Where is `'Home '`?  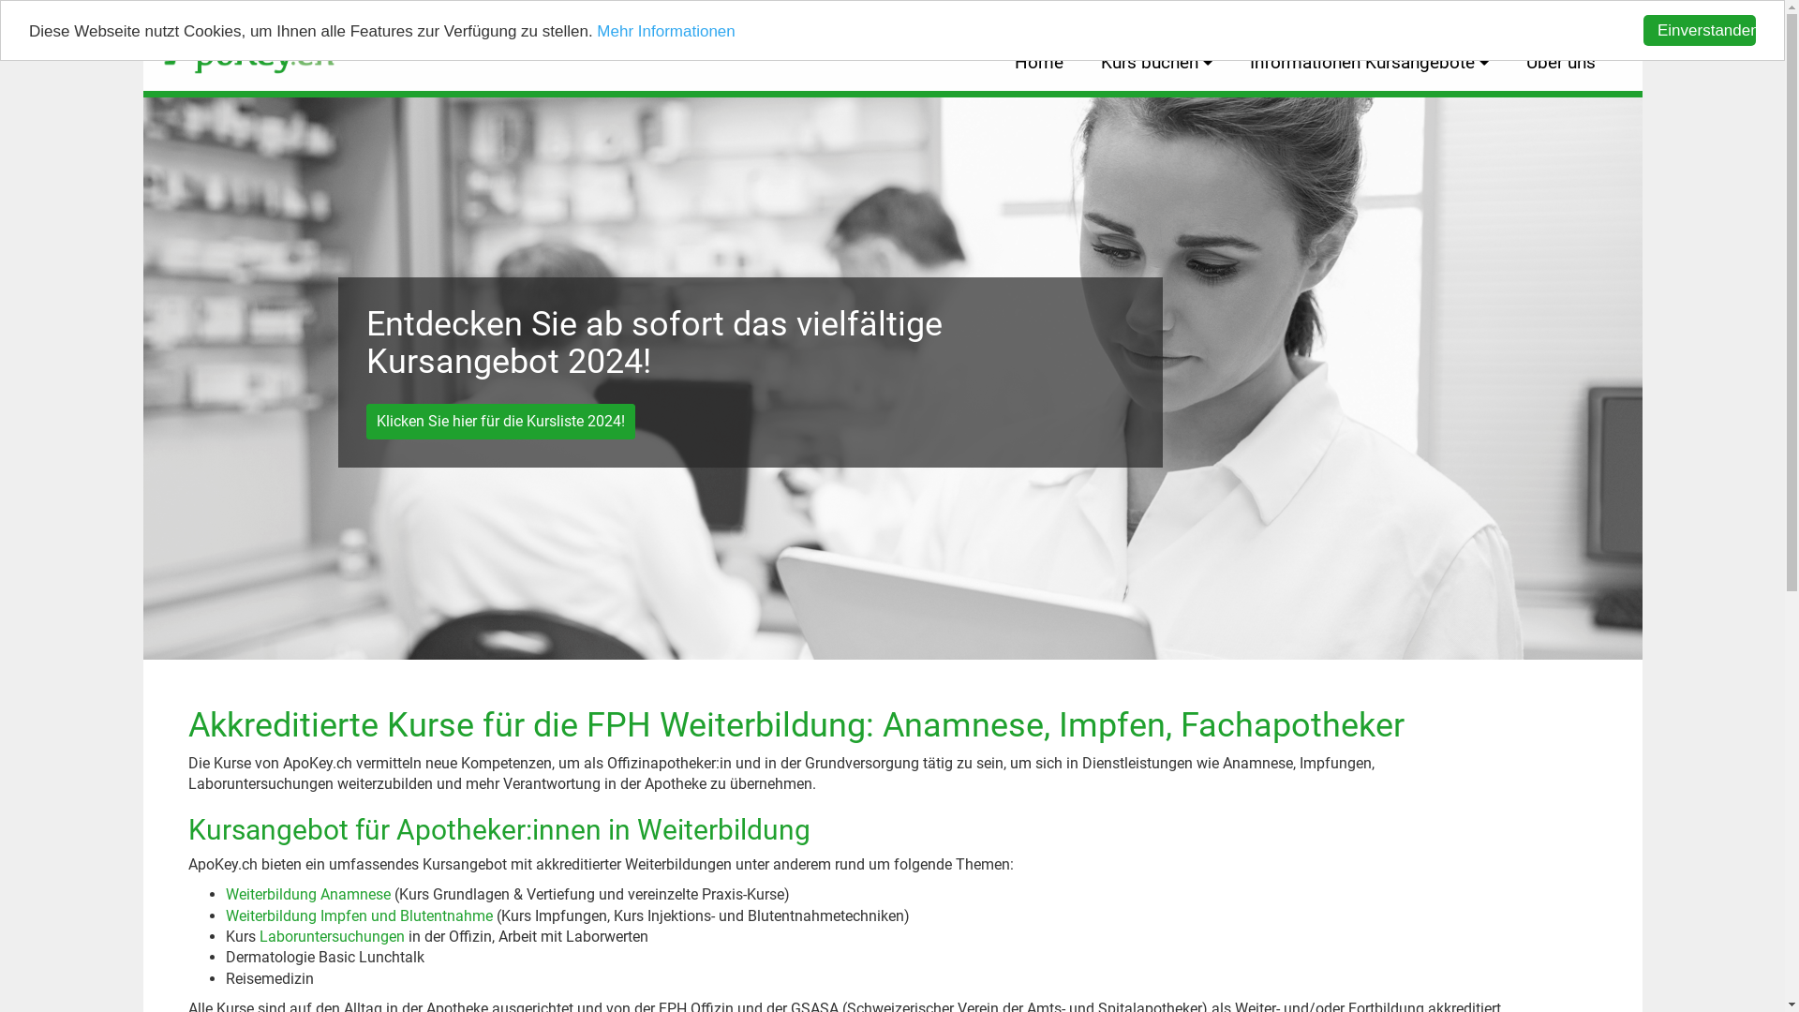
'Home ' is located at coordinates (238, 42).